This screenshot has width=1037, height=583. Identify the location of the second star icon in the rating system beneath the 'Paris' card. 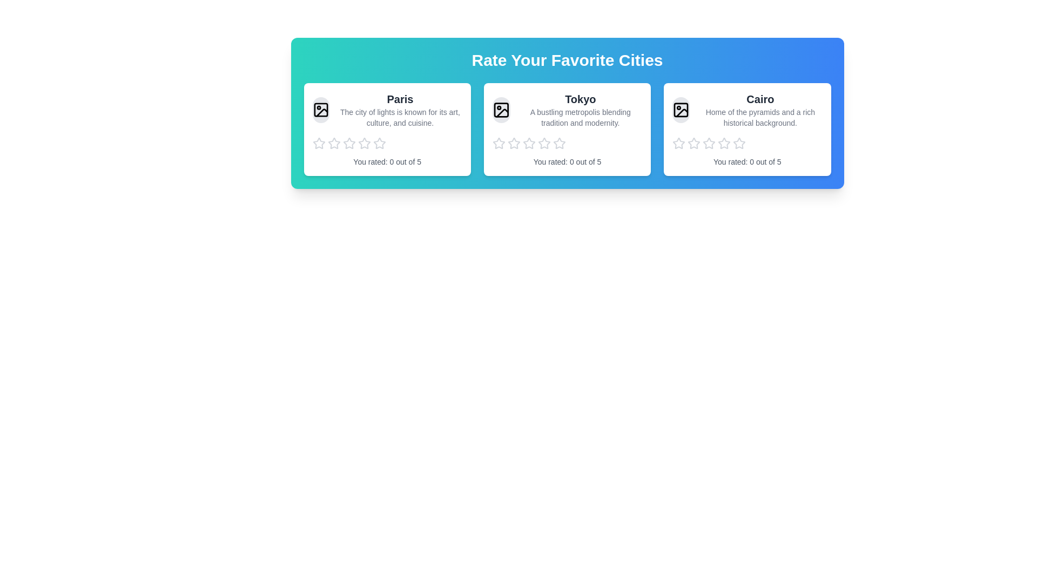
(364, 143).